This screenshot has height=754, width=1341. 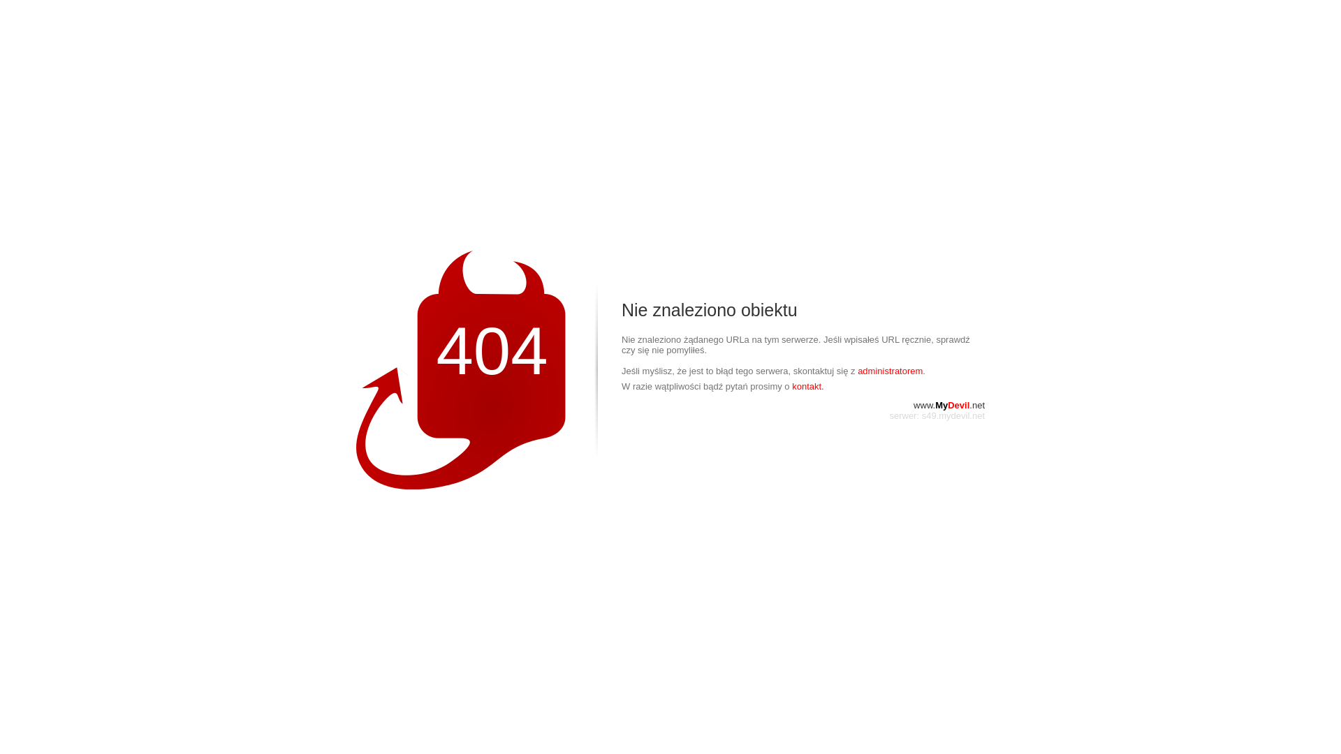 What do you see at coordinates (948, 405) in the screenshot?
I see `'www.MyDevil.net'` at bounding box center [948, 405].